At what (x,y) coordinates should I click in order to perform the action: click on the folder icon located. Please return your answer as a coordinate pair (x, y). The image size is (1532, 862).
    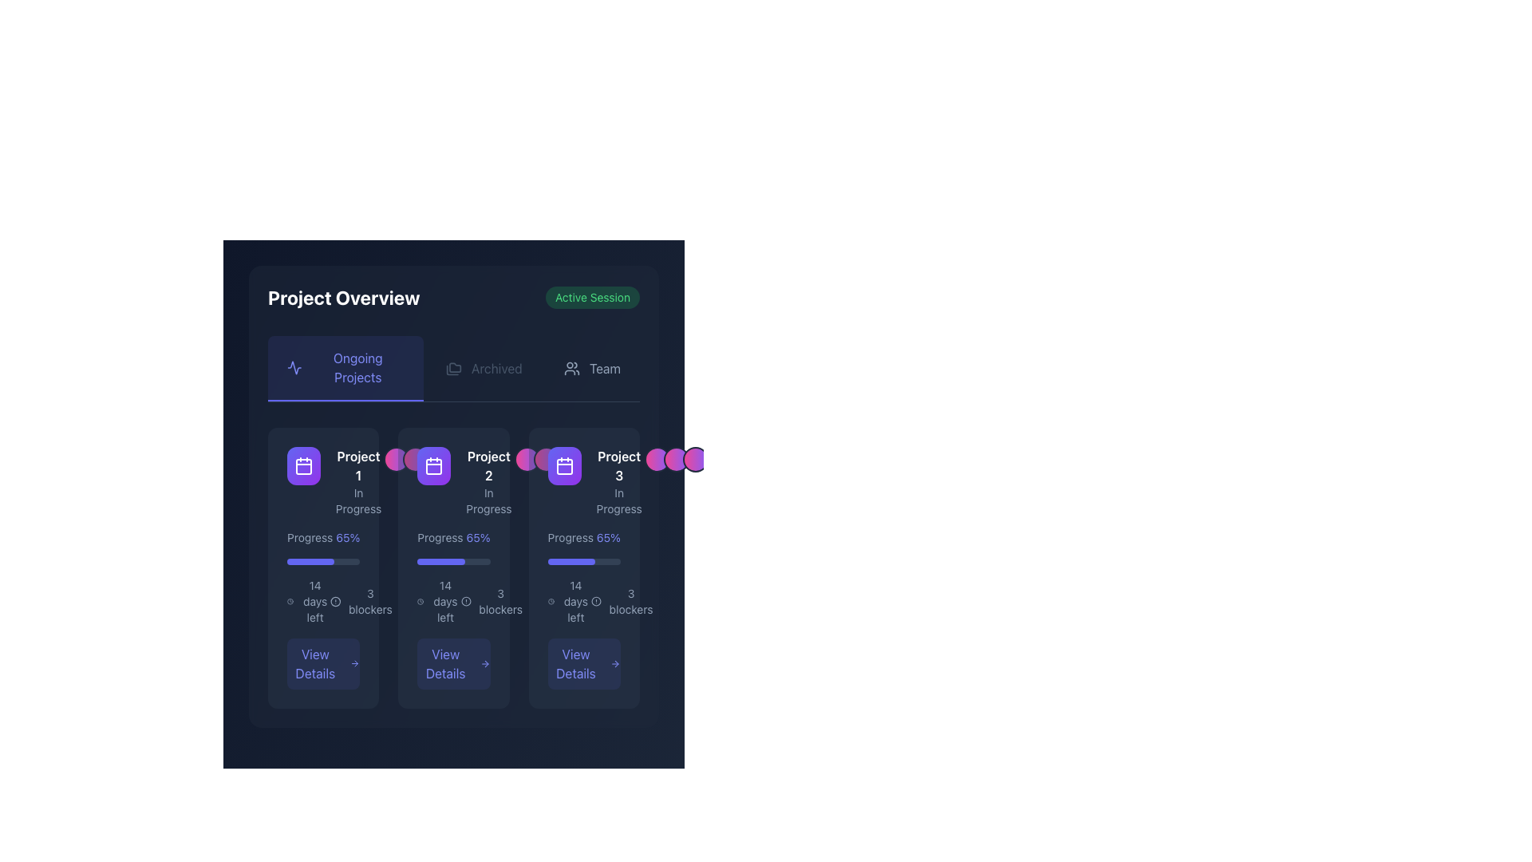
    Looking at the image, I should click on (454, 367).